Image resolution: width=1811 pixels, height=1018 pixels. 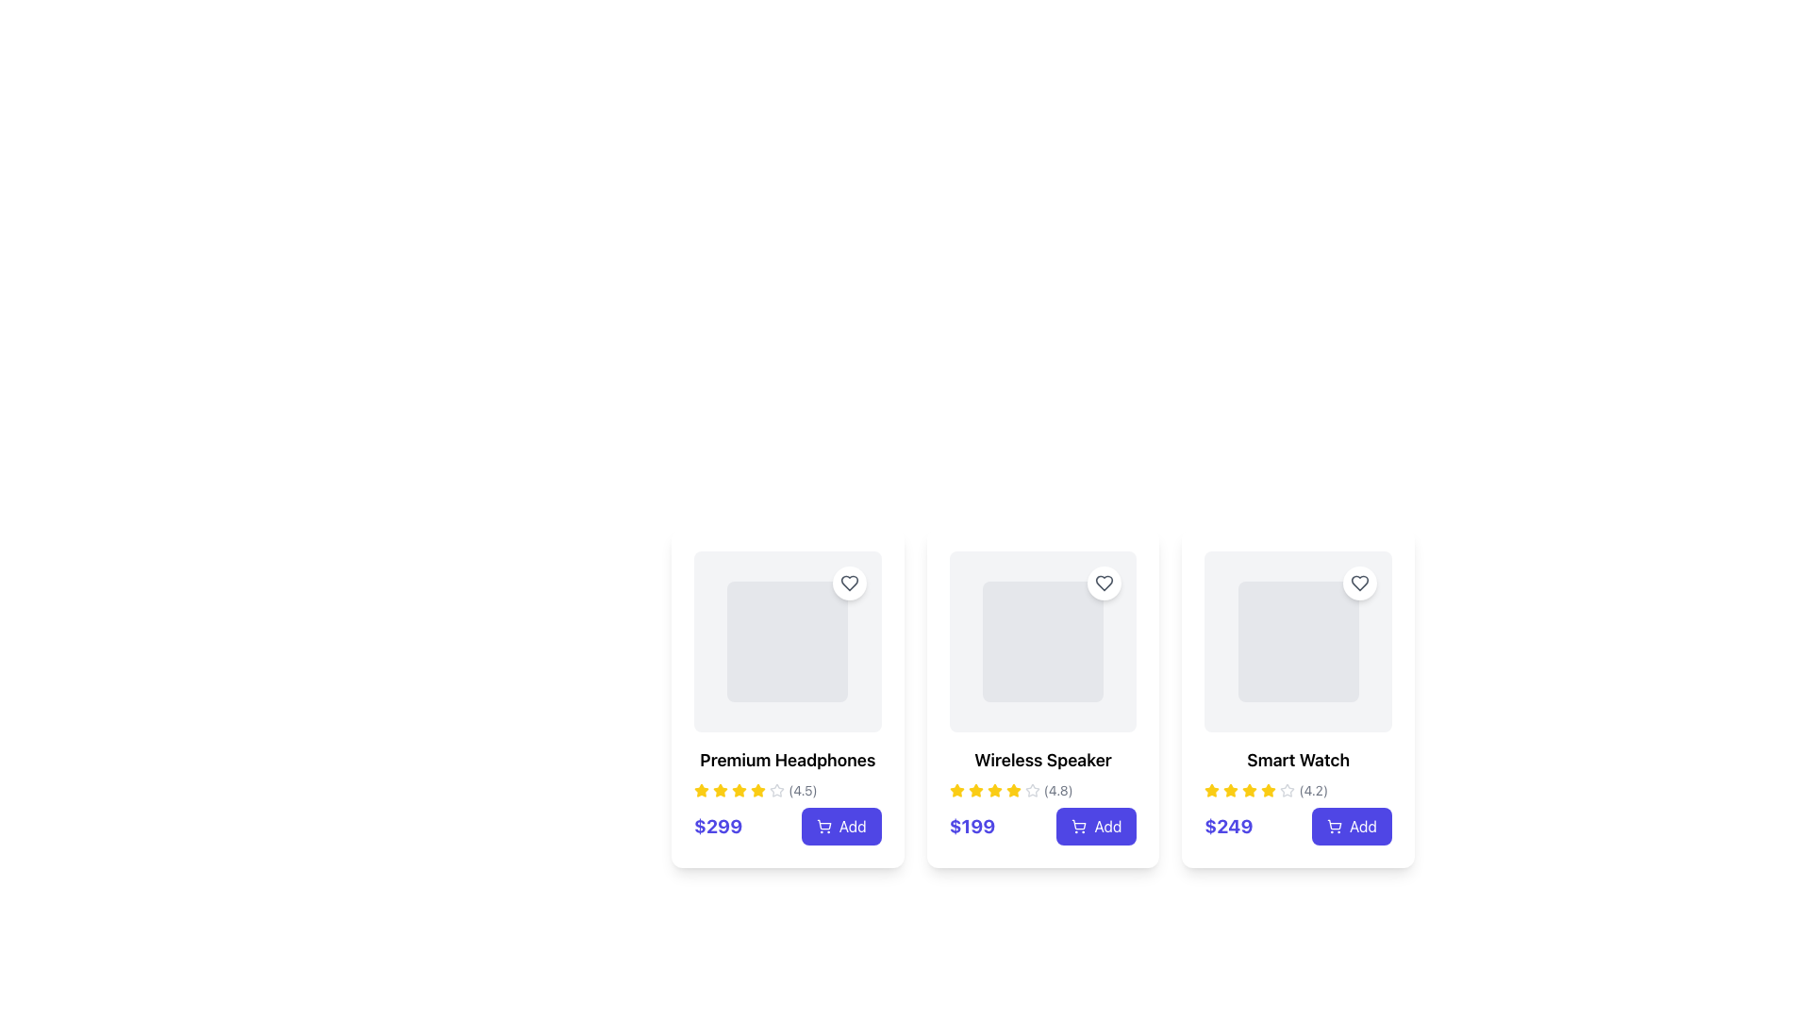 What do you see at coordinates (1231, 791) in the screenshot?
I see `the third star icon in the rating section under the 'Smart Watch' product card` at bounding box center [1231, 791].